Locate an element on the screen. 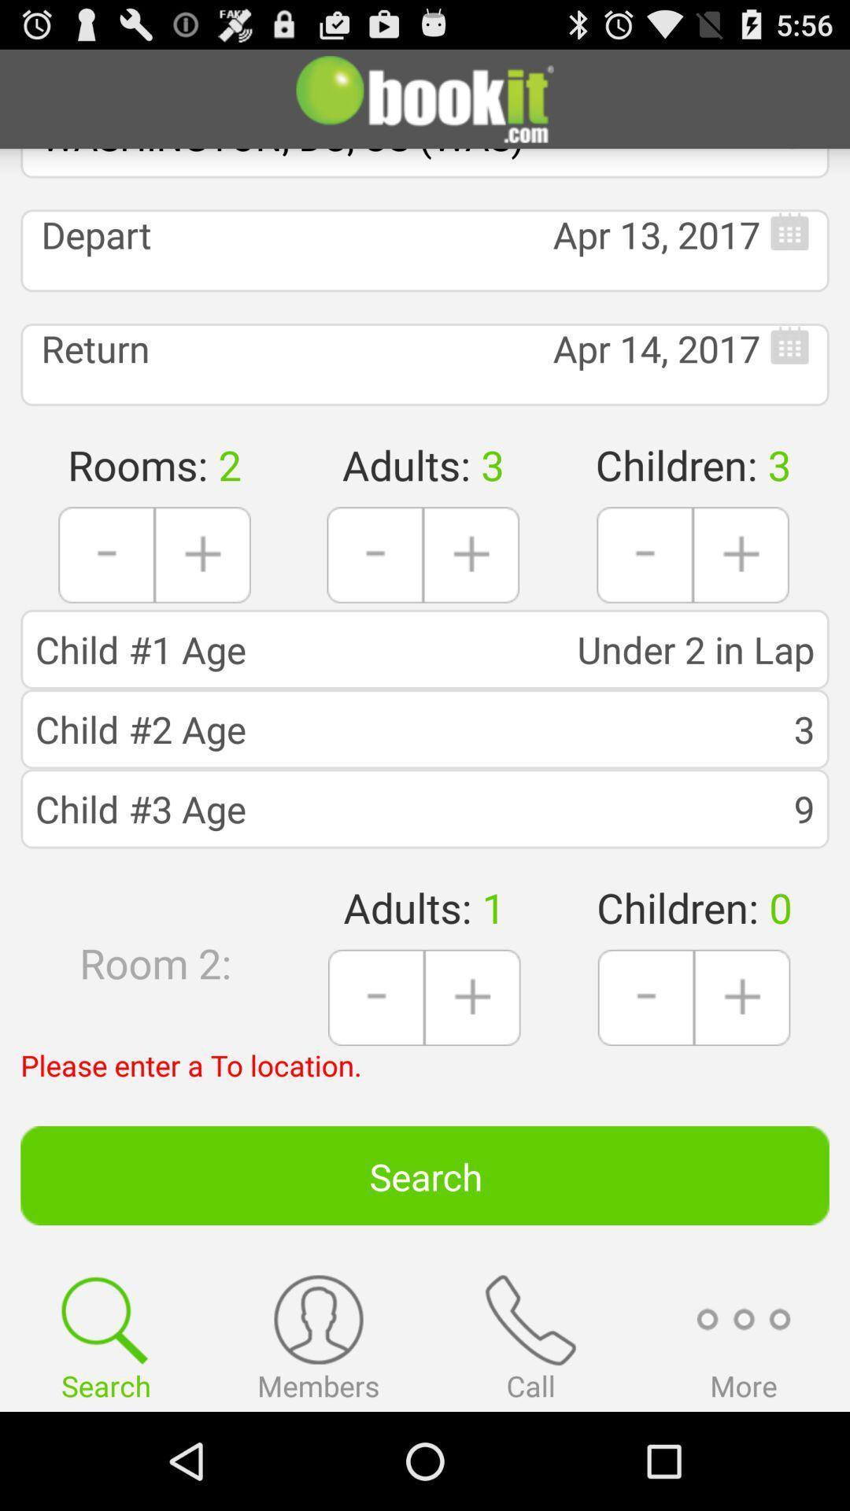 Image resolution: width=850 pixels, height=1511 pixels. the minus icon is located at coordinates (106, 593).